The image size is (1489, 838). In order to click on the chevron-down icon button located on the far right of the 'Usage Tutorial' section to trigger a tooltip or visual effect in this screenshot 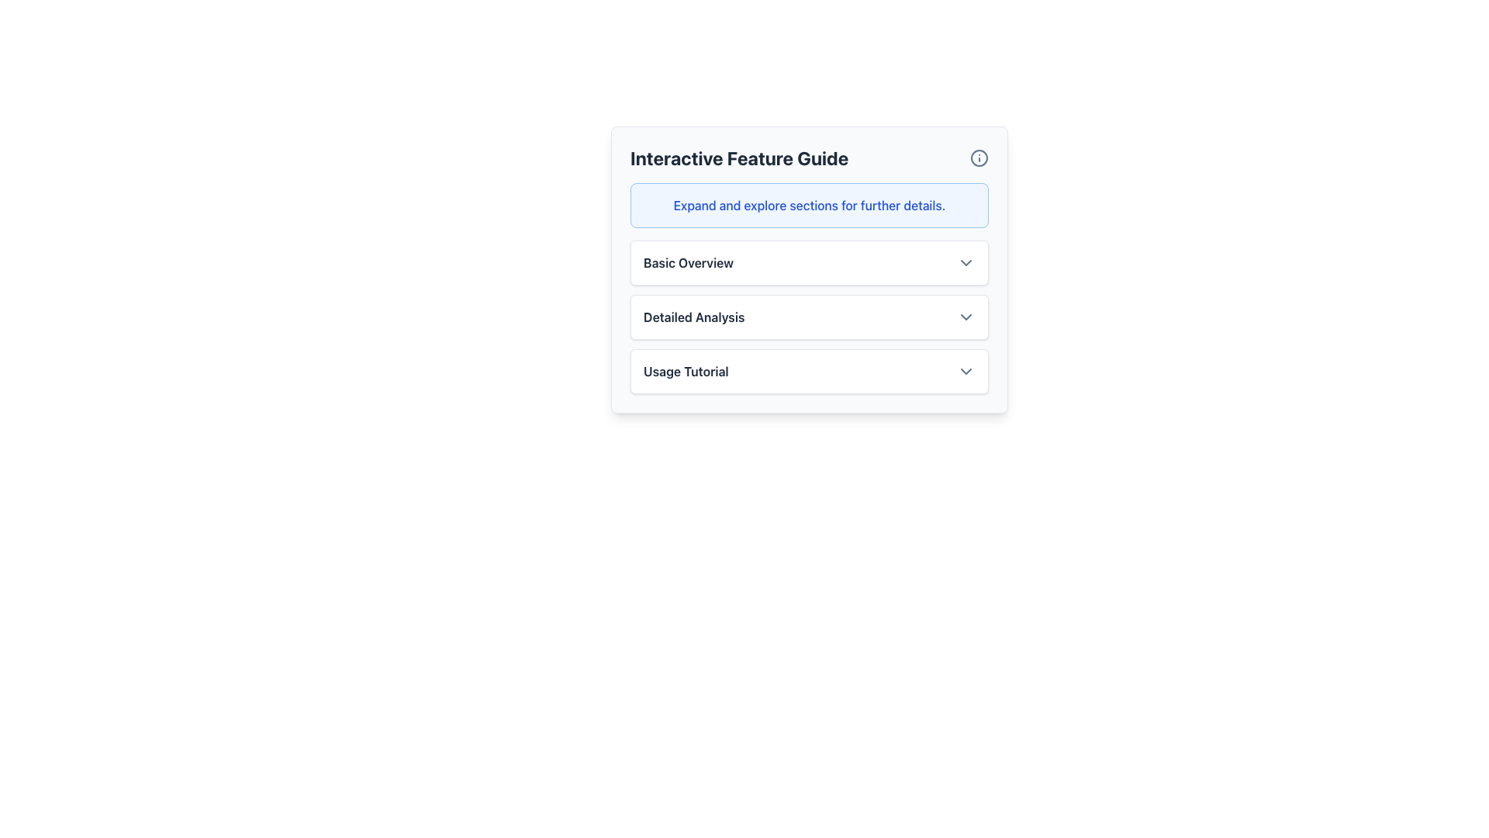, I will do `click(966, 371)`.